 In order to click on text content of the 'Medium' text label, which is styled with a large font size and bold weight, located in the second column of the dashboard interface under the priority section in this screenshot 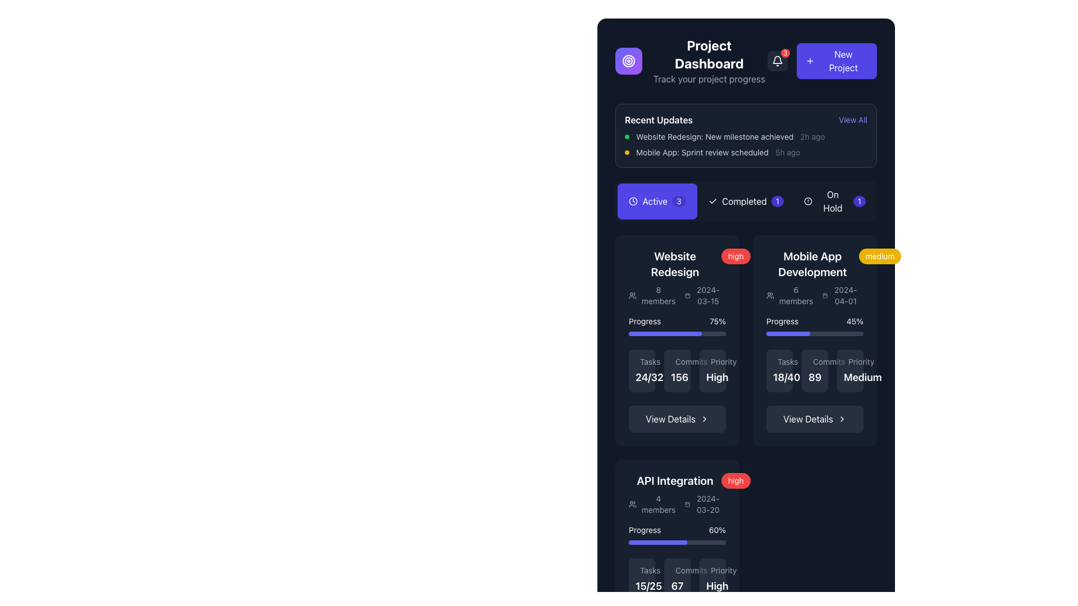, I will do `click(862, 377)`.